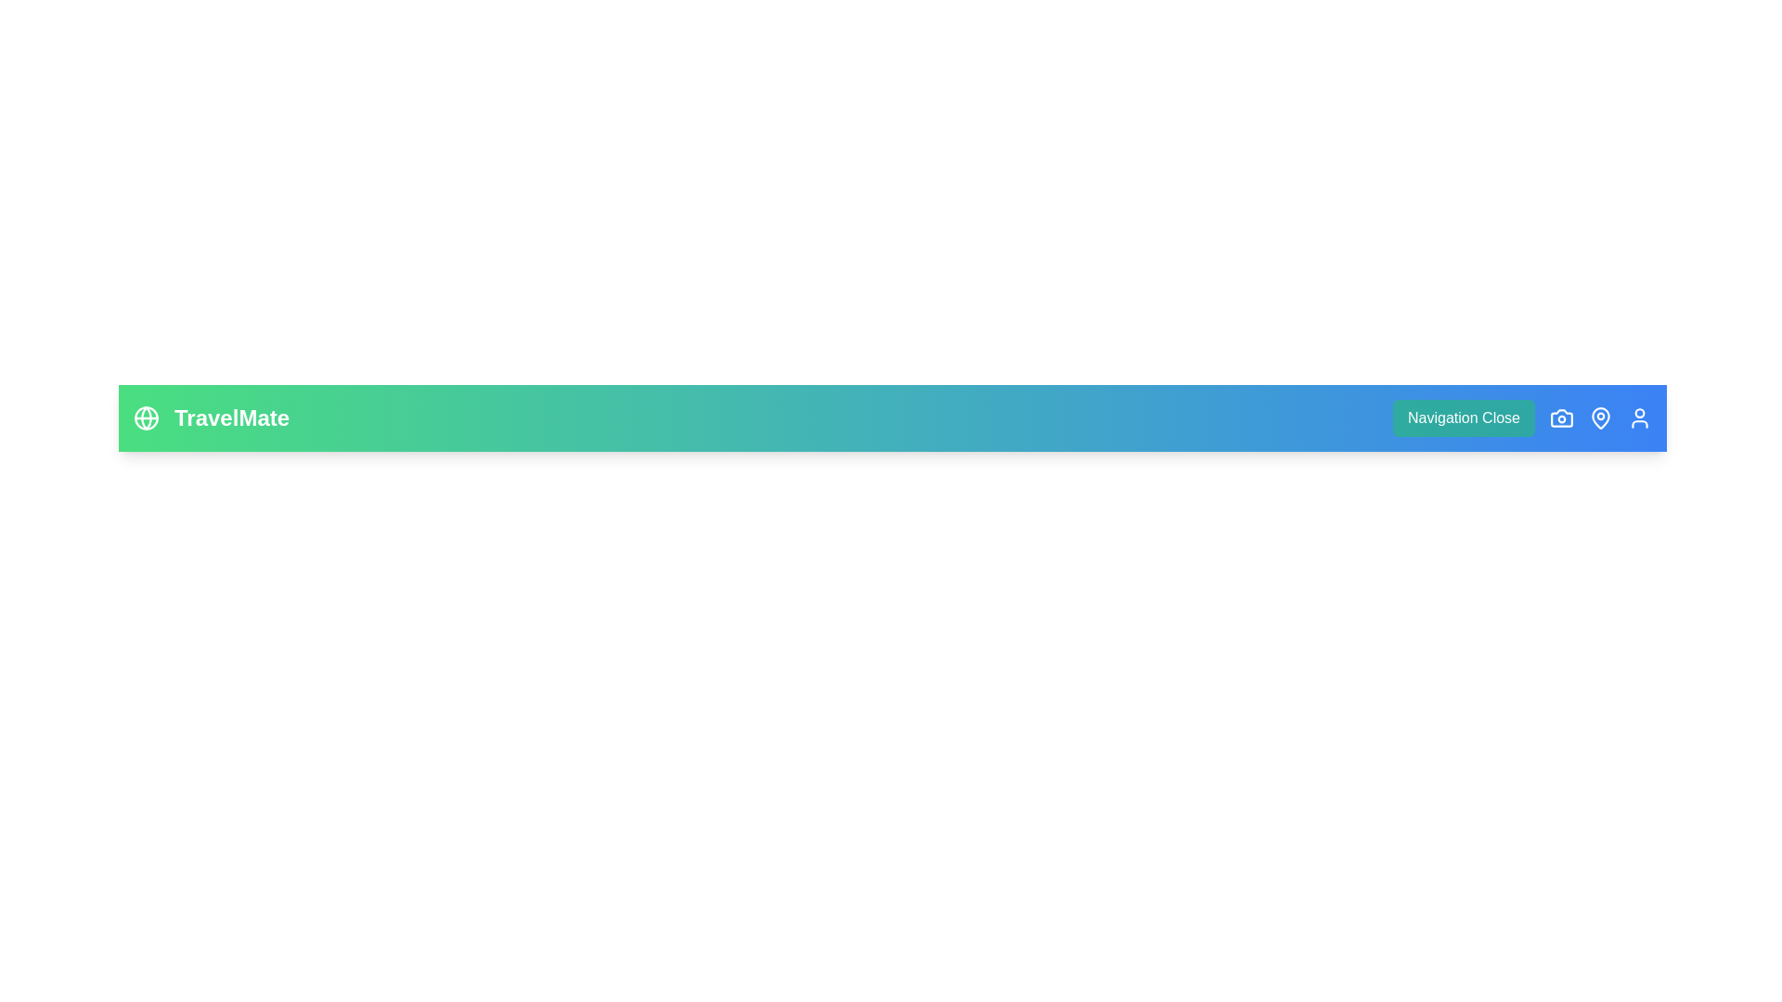  Describe the element at coordinates (1599, 418) in the screenshot. I see `the MapPin icon to observe its hover effect` at that location.